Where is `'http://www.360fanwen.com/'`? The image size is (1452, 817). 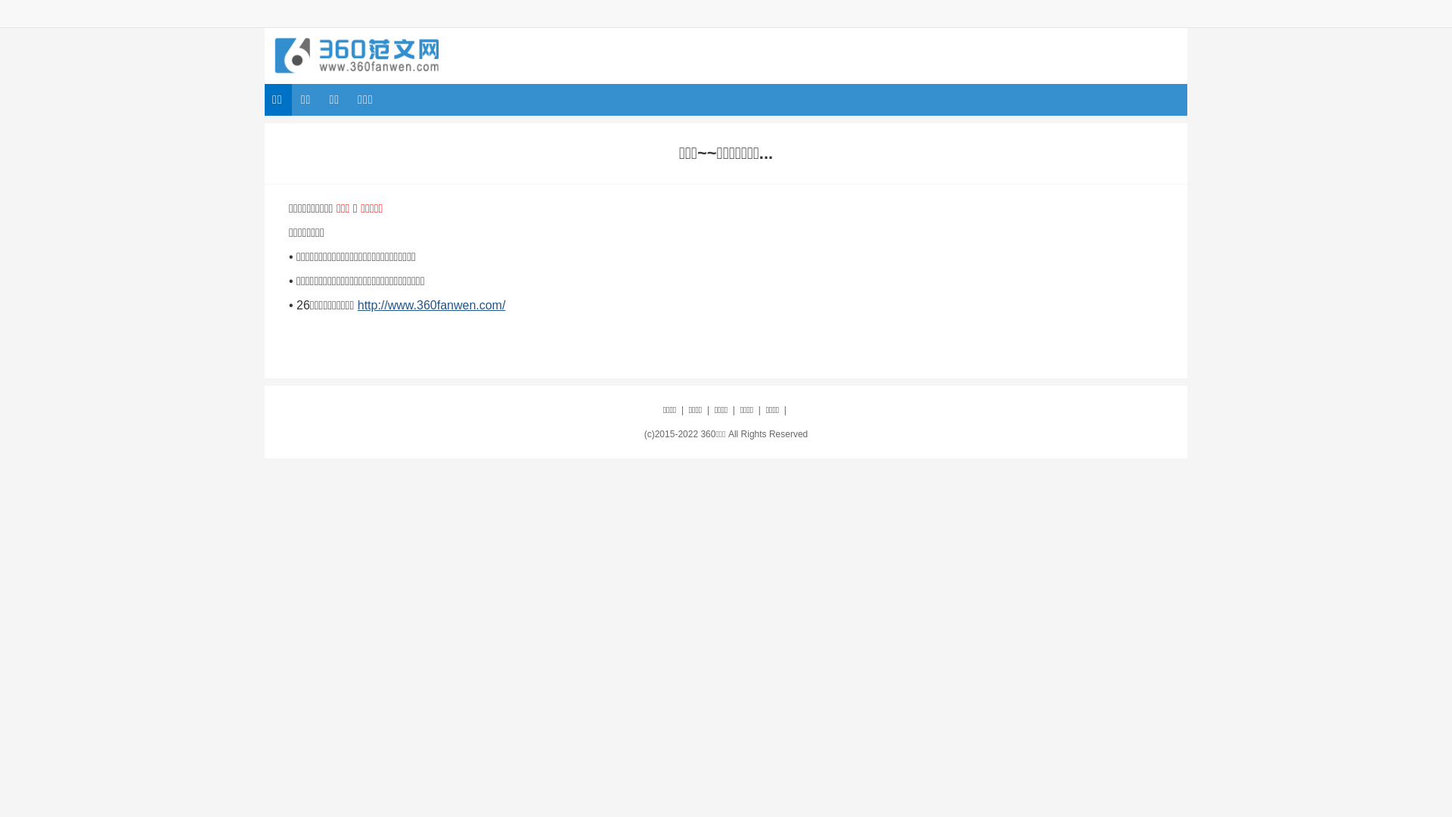
'http://www.360fanwen.com/' is located at coordinates (431, 305).